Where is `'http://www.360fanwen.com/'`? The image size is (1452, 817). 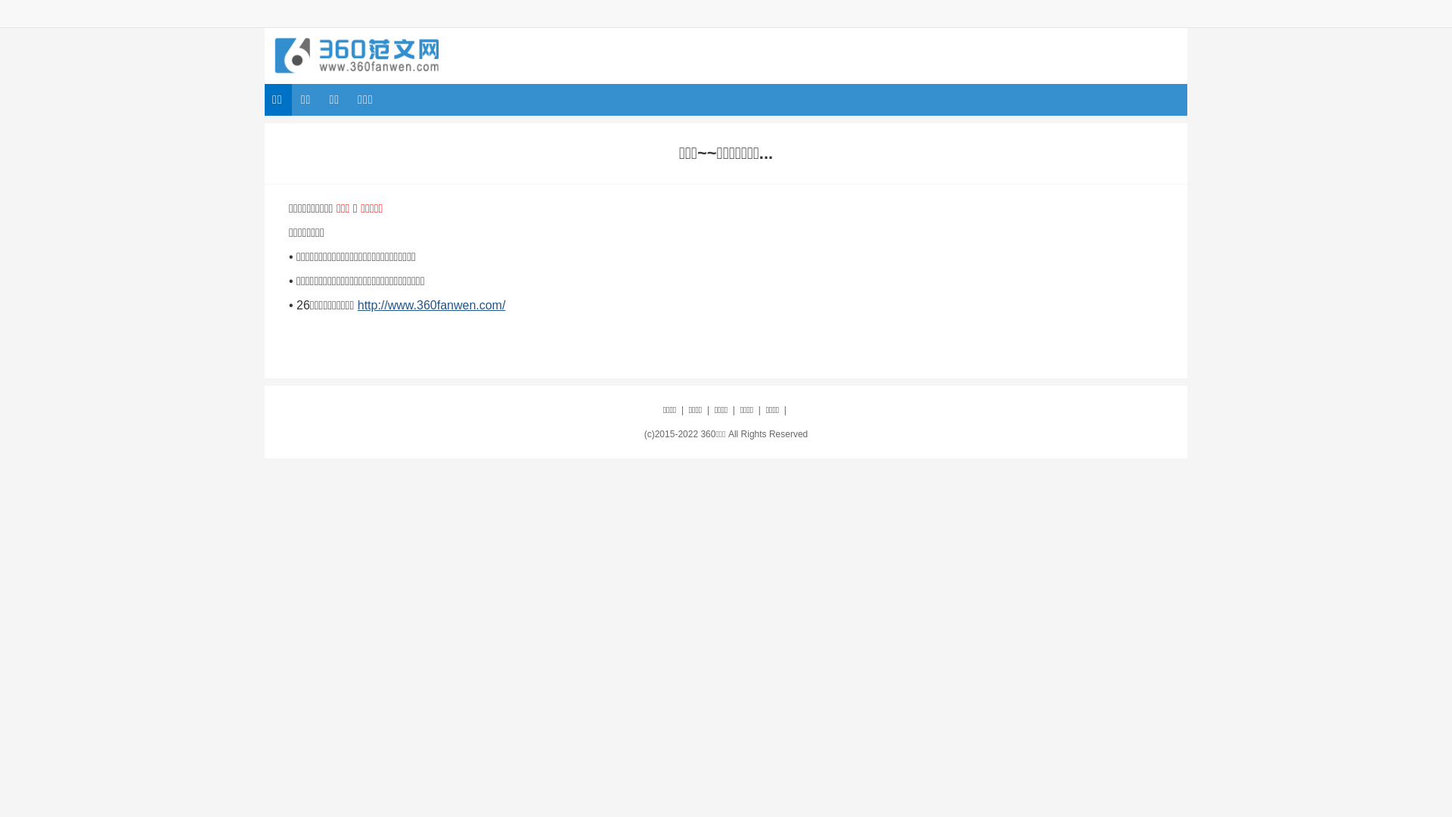
'http://www.360fanwen.com/' is located at coordinates (431, 305).